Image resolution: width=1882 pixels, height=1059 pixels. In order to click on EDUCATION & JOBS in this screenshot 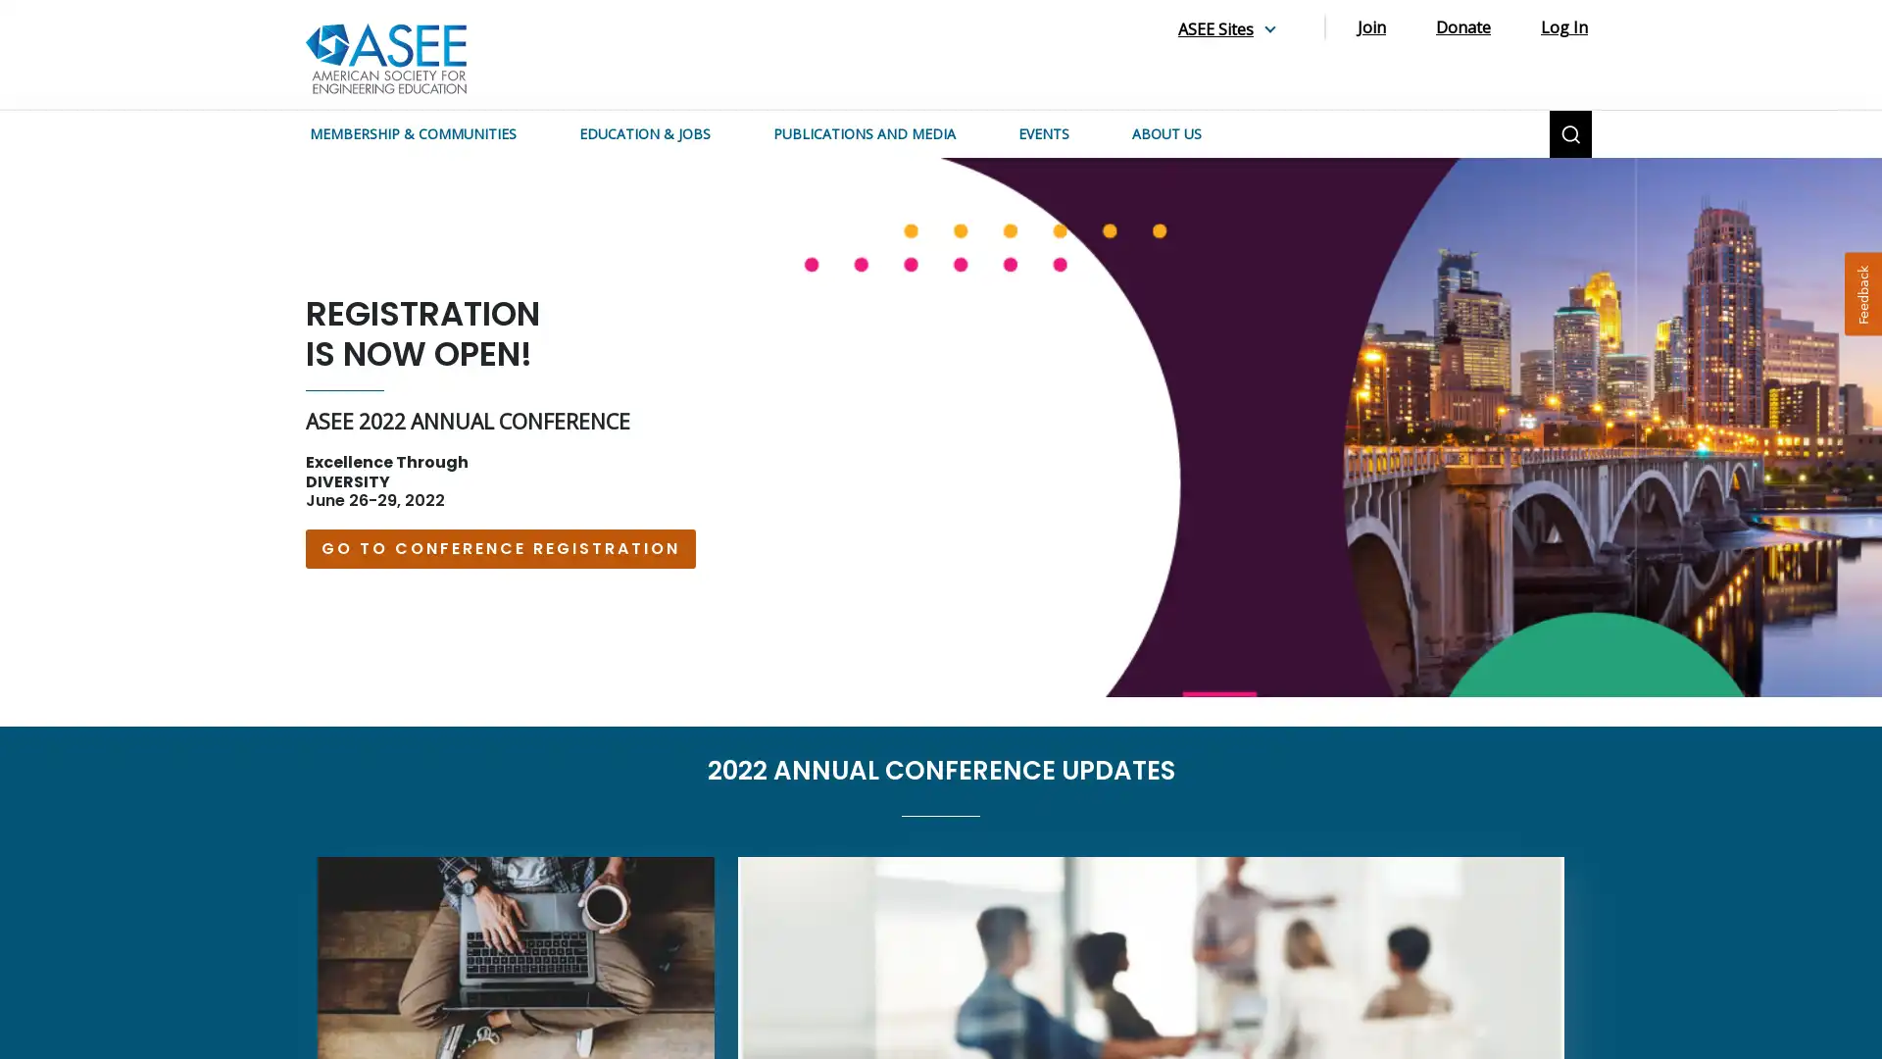, I will do `click(660, 133)`.